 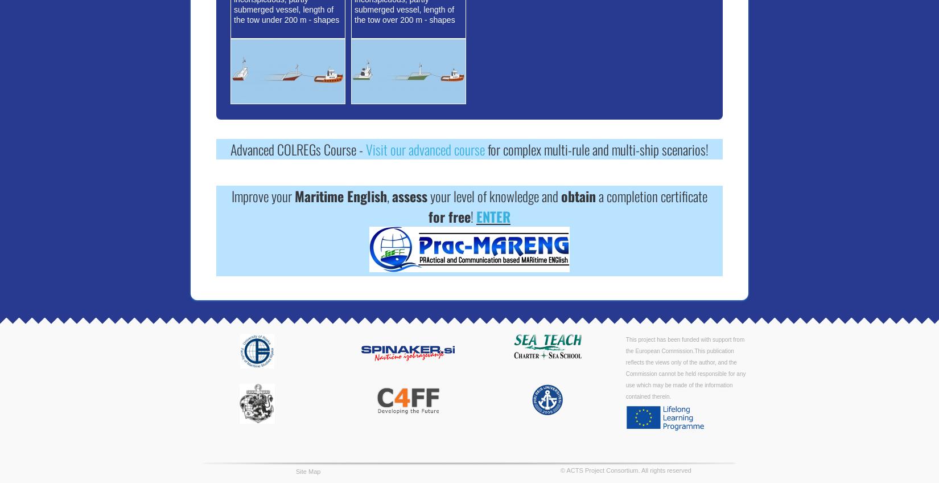 I want to click on 'Visit our advanced course', so click(x=425, y=149).